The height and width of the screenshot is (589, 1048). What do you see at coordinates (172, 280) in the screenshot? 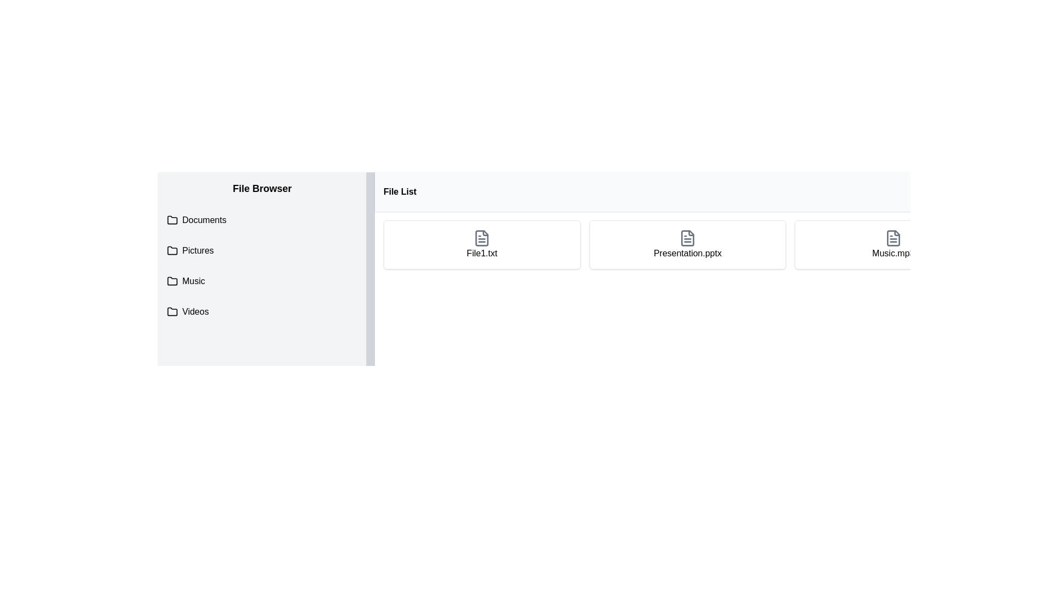
I see `the folder icon in the 'File Browser' panel` at bounding box center [172, 280].